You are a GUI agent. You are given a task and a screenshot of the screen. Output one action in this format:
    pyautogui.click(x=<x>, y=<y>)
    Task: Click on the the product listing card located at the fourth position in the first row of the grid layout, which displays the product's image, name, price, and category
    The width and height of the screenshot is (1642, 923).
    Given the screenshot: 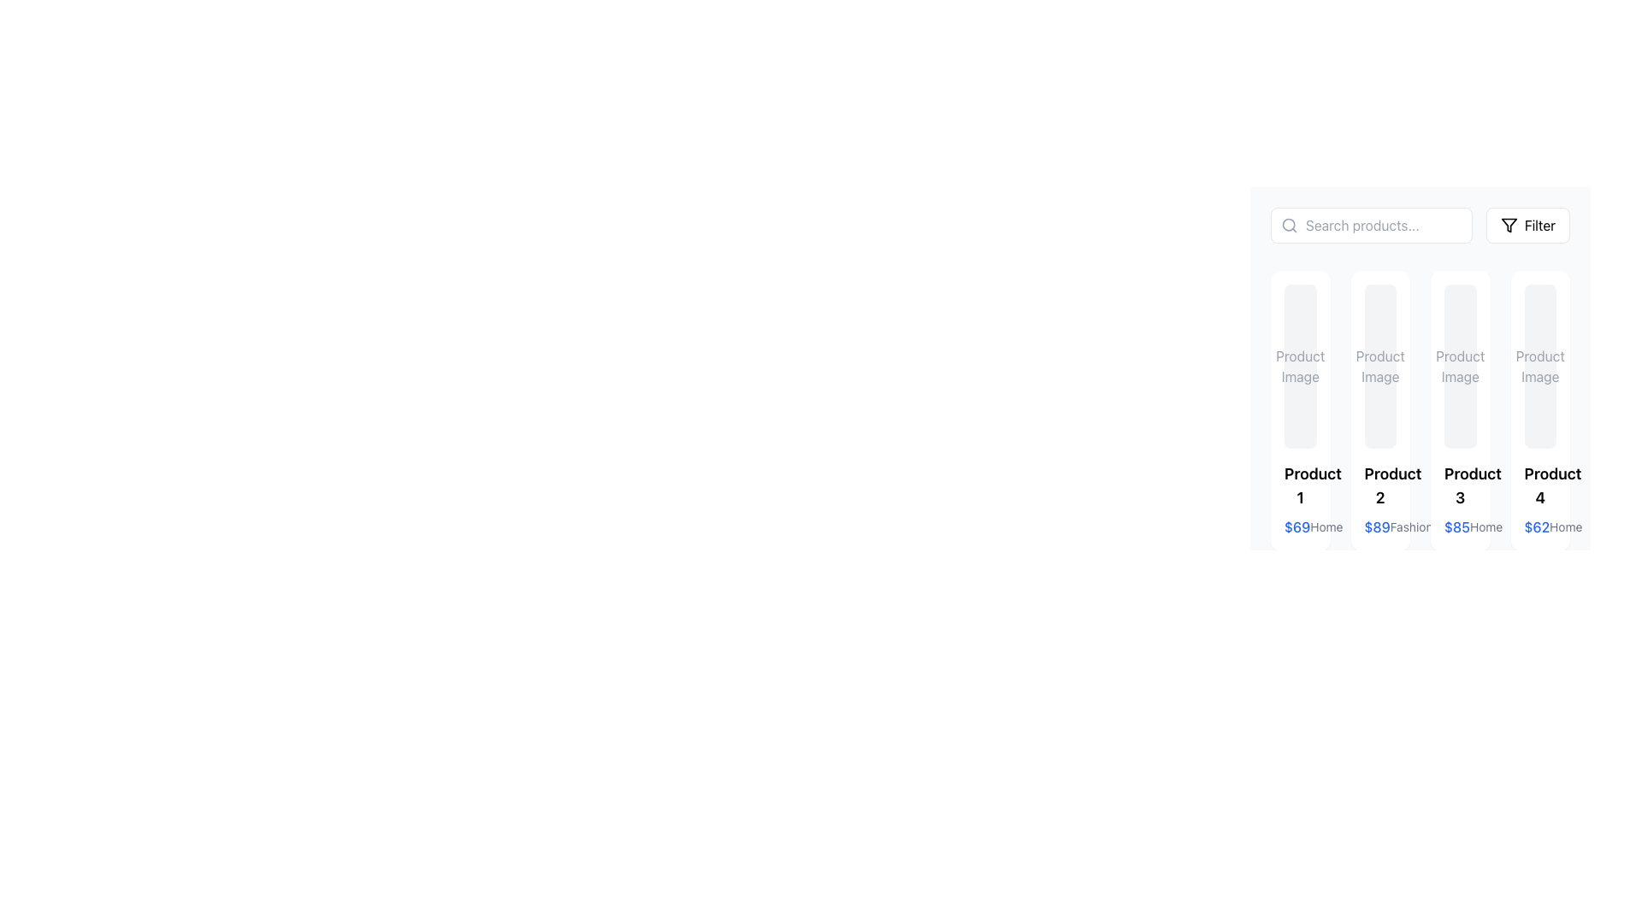 What is the action you would take?
    pyautogui.click(x=1540, y=411)
    